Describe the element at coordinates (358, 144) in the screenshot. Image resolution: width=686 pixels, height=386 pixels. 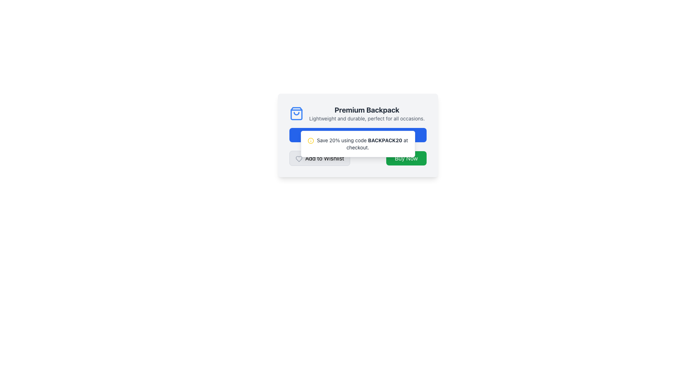
I see `the Informational Banner that displays a promotional discount, located below the 'Show Details' button and above the 'Add to Wishlist' and 'Buy Now' buttons` at that location.